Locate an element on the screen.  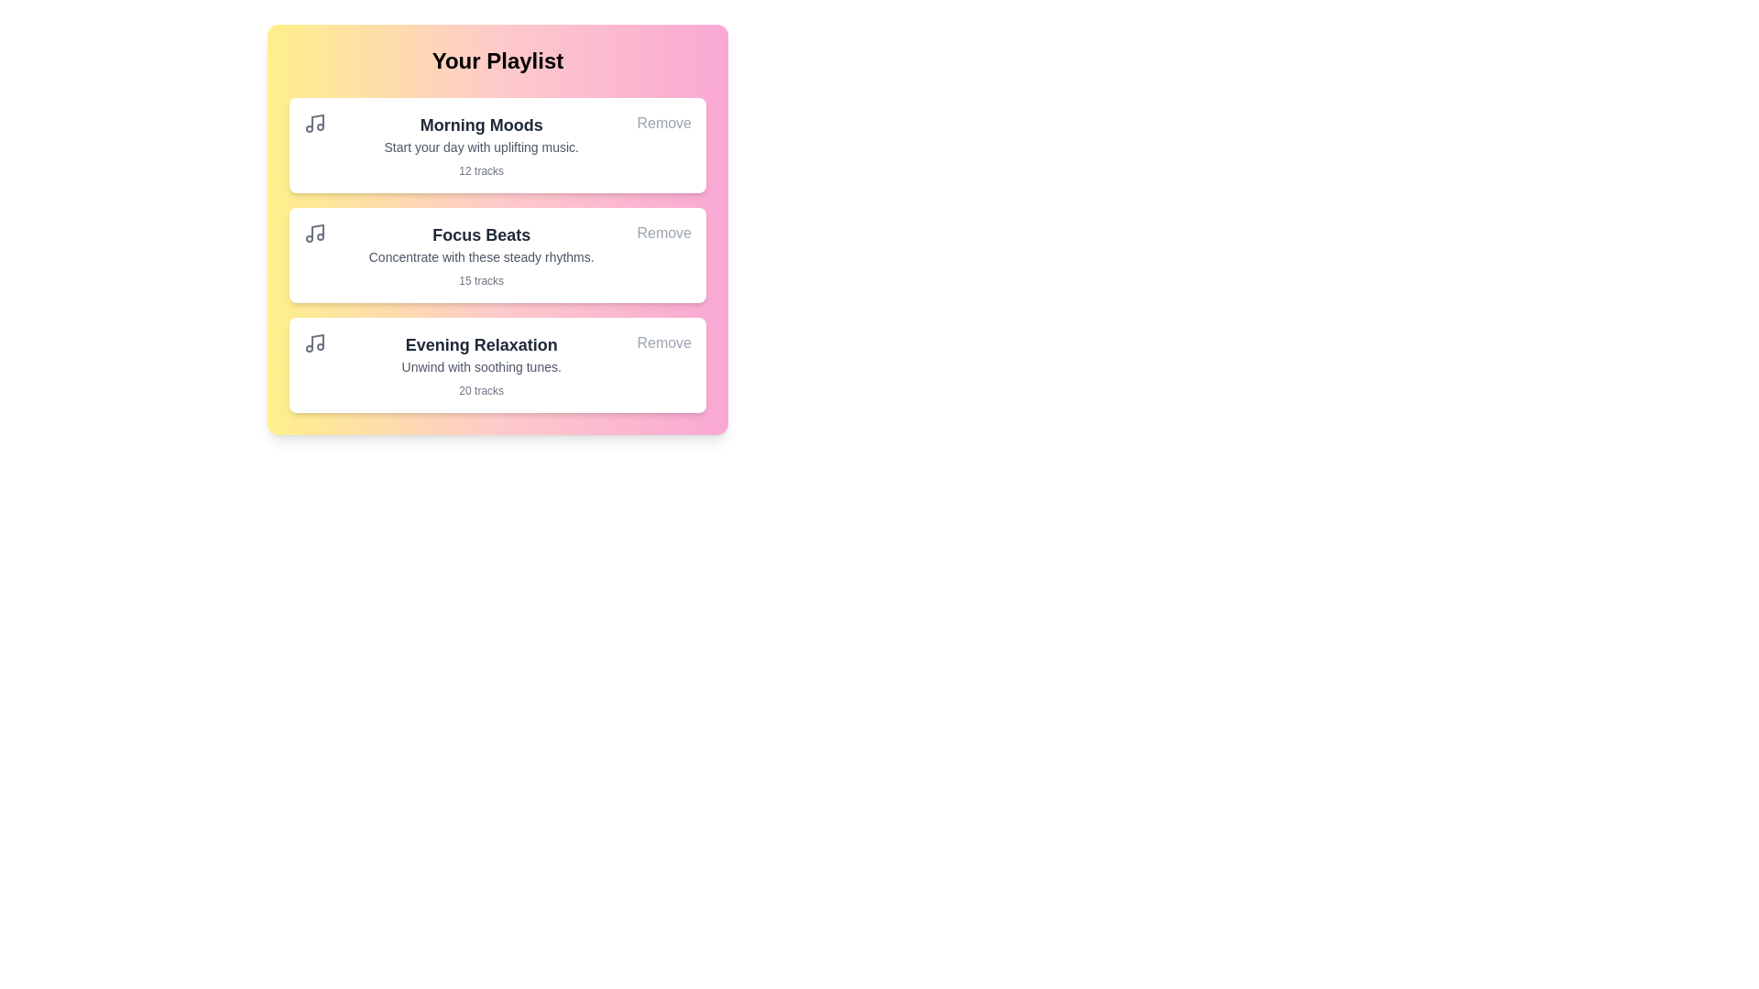
'Remove' button for the playlist 'Evening Relaxation' is located at coordinates (662, 342).